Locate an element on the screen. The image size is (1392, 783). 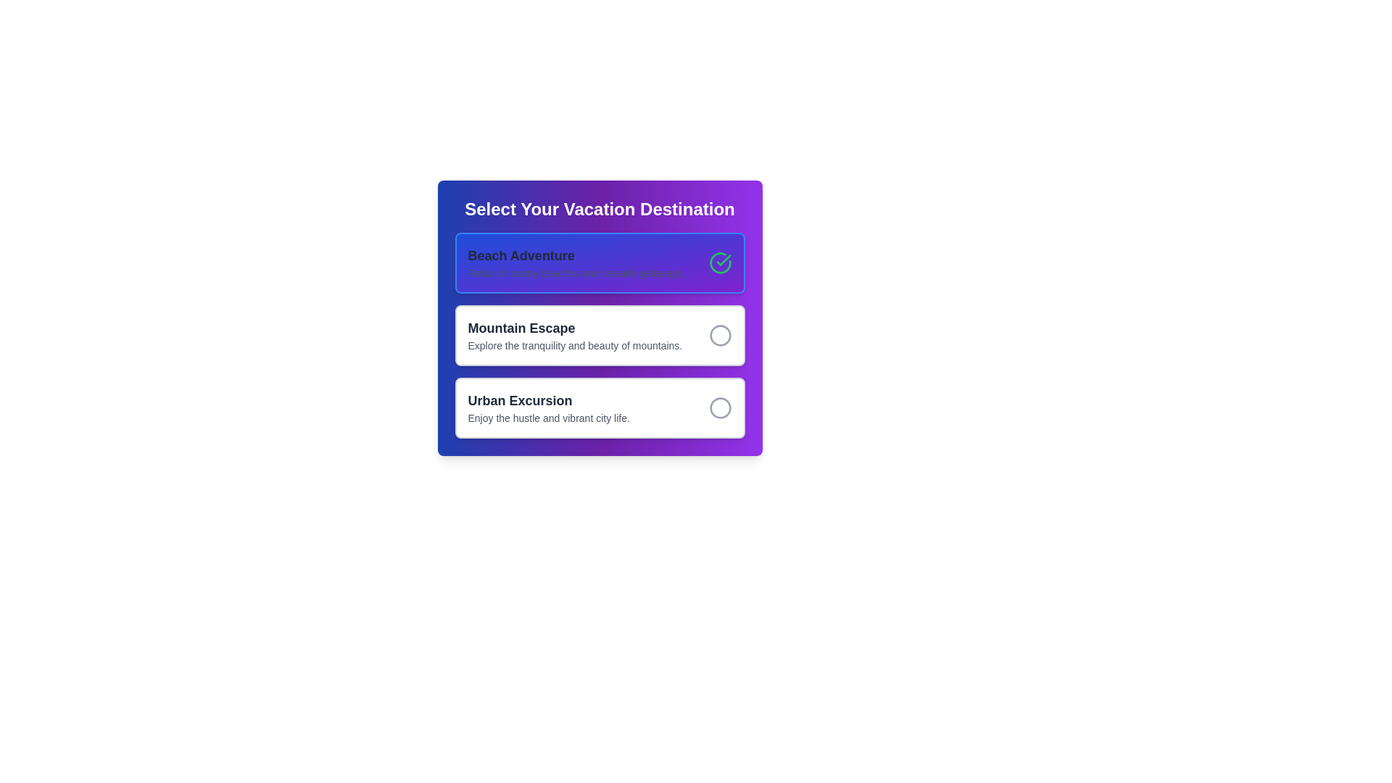
the second card in the grid layout that presents information about the vacation destination 'Mountain Escape' is located at coordinates (600, 335).